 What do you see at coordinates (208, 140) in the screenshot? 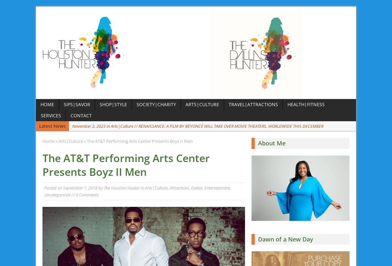
I see `'Foodies and Food Lovers are Invited to Sign up for Chef Sharon’s Favorite Things: A Dallas Arboretum Food & Wine Festival Event on Nov. 28'` at bounding box center [208, 140].